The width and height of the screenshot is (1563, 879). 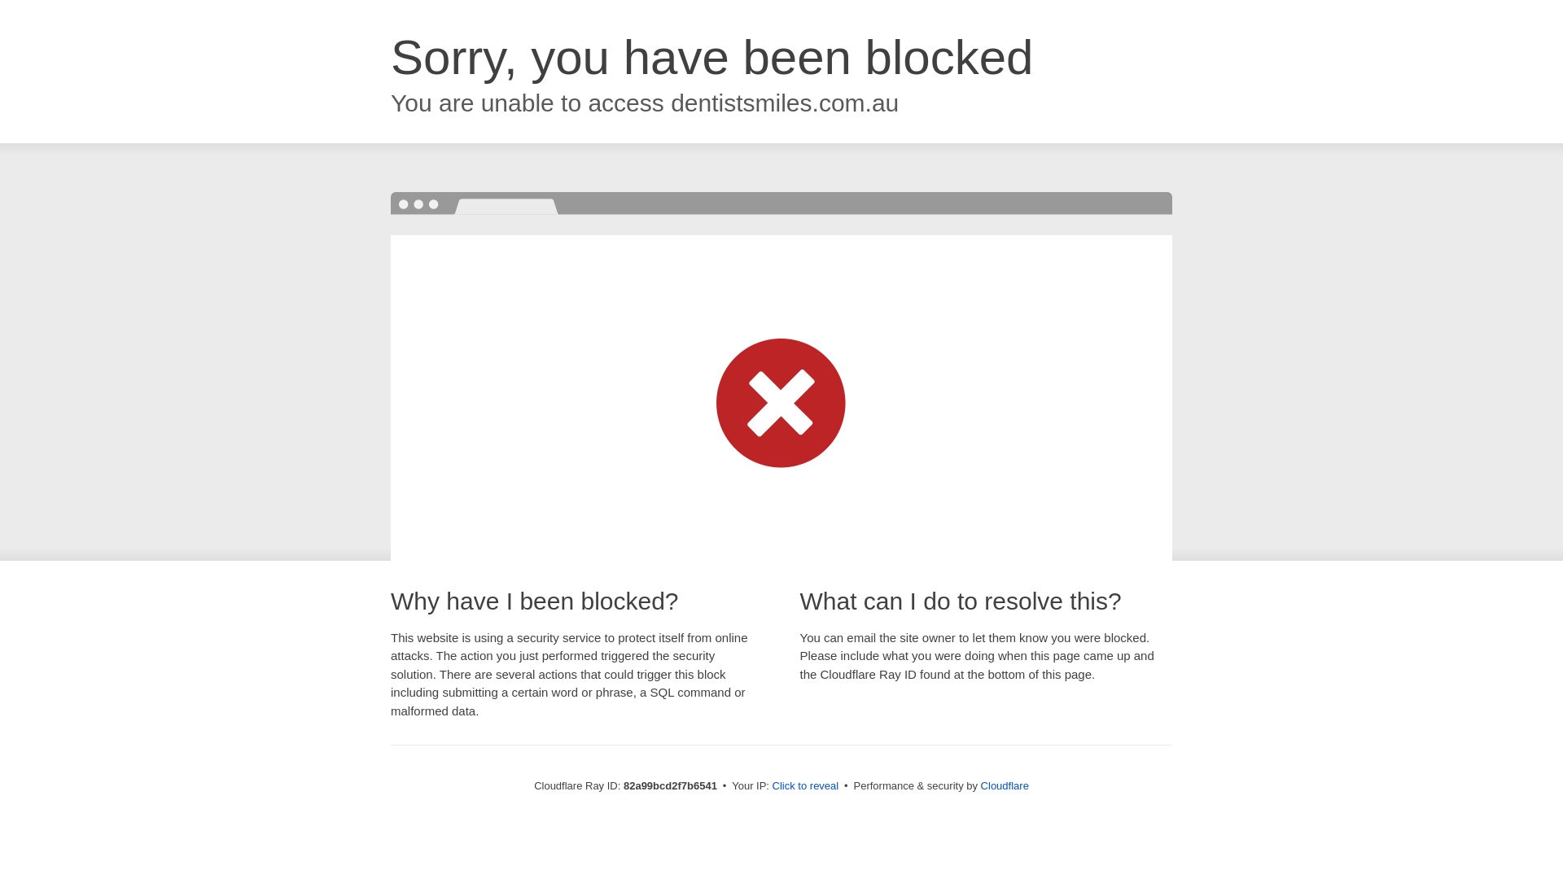 What do you see at coordinates (1004, 785) in the screenshot?
I see `'Cloudflare'` at bounding box center [1004, 785].